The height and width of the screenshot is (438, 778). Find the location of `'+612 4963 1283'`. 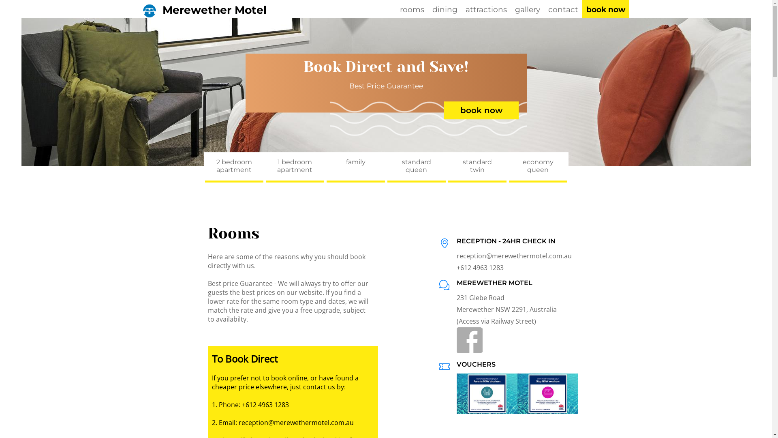

'+612 4963 1283' is located at coordinates (456, 267).